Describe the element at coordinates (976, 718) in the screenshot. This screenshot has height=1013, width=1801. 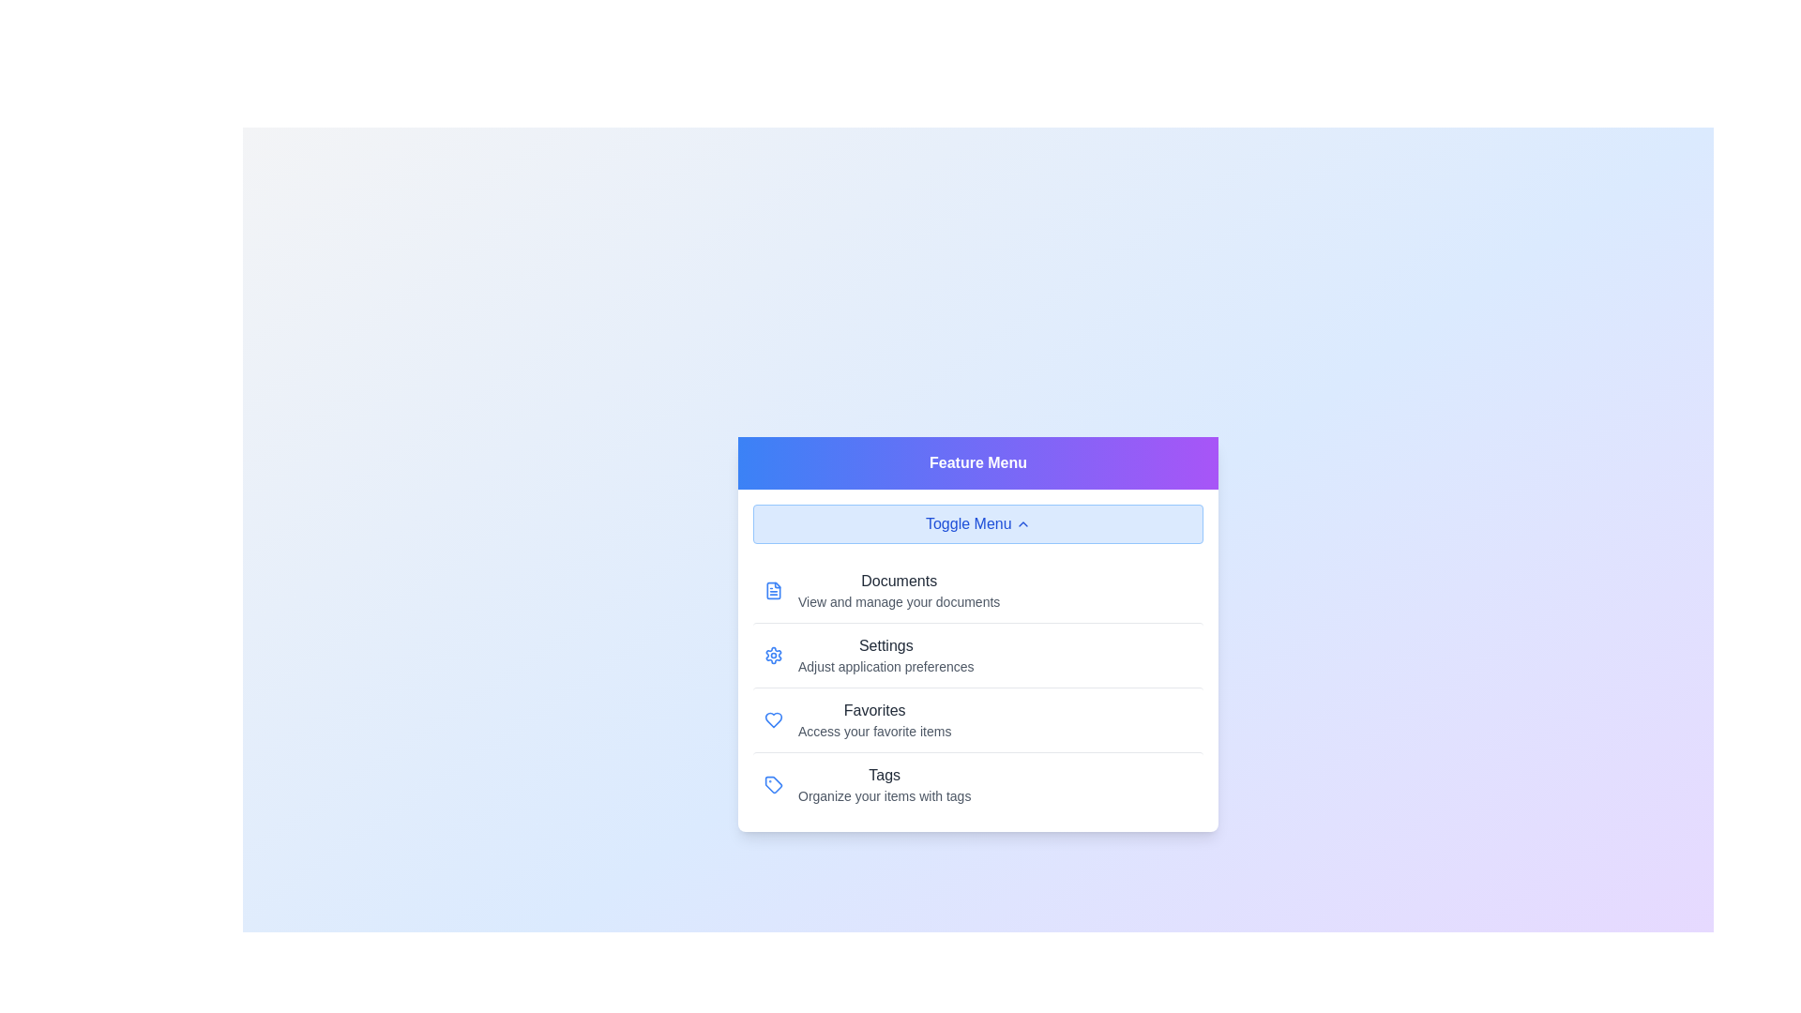
I see `the menu option Favorites by clicking on it` at that location.